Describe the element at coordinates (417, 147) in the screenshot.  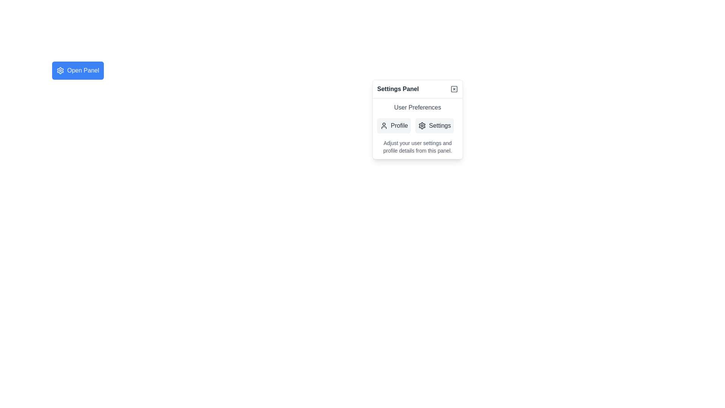
I see `the static descriptive text at the bottom of the settings panel, which explains that users can adjust their user settings and profile details` at that location.